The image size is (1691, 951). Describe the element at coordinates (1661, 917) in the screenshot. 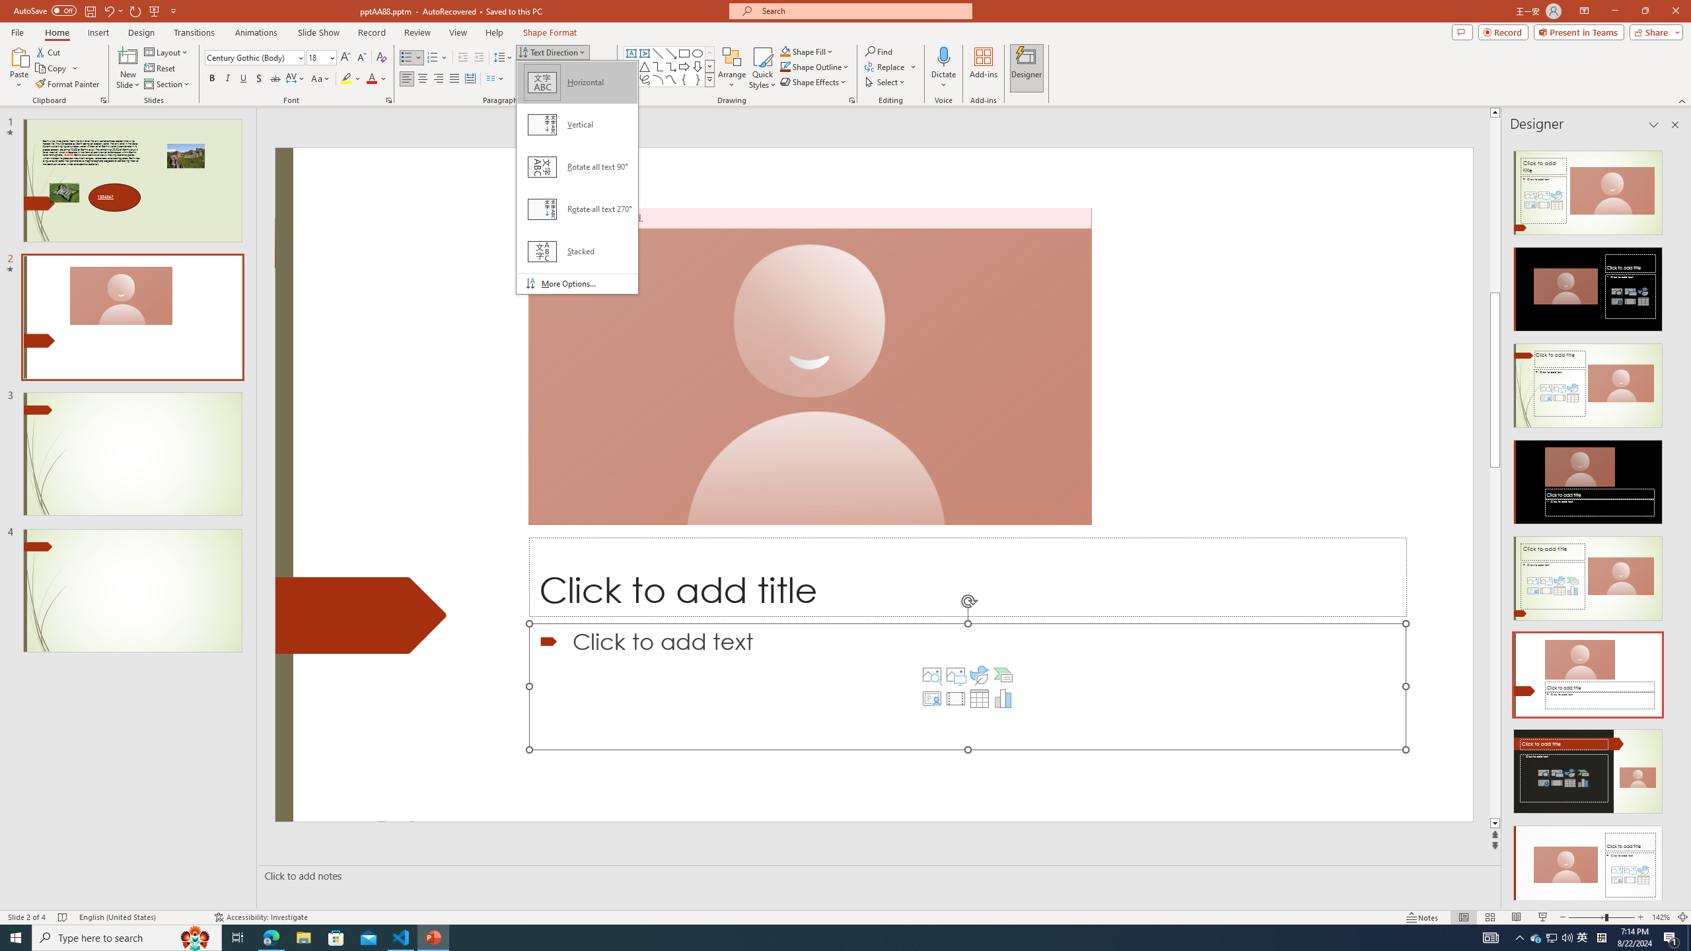

I see `'Zoom 142%'` at that location.